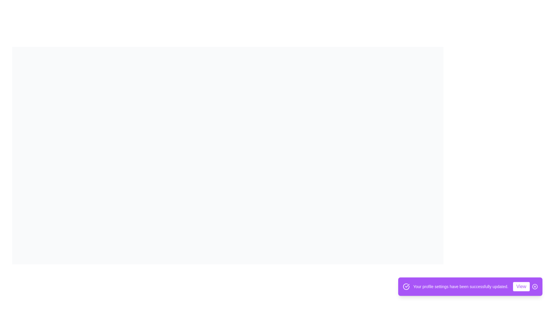 The height and width of the screenshot is (311, 554). What do you see at coordinates (534, 288) in the screenshot?
I see `the 'X' button to dismiss the snackbar` at bounding box center [534, 288].